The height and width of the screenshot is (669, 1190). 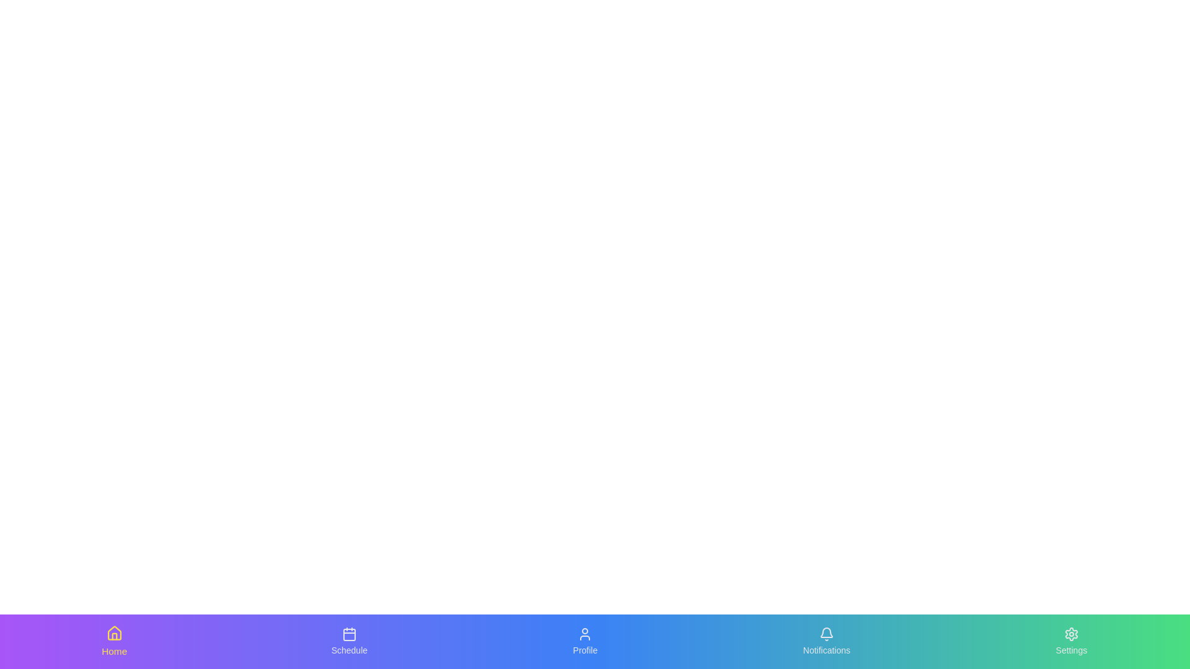 I want to click on the tab labeled Settings, so click(x=1070, y=641).